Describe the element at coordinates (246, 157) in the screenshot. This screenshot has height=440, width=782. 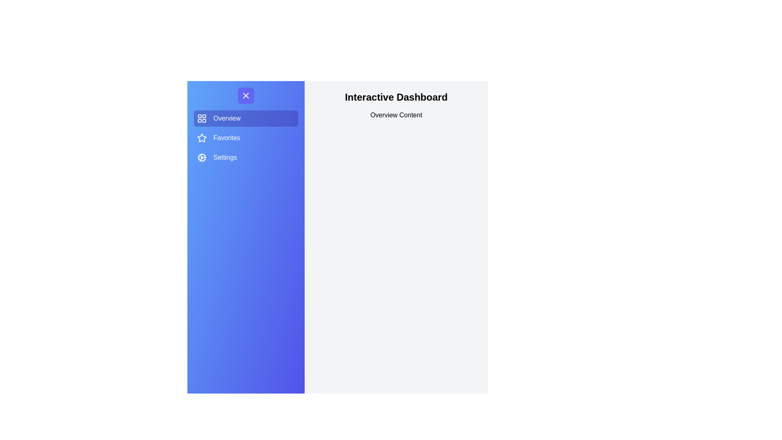
I see `the Settings section by clicking its menu item` at that location.